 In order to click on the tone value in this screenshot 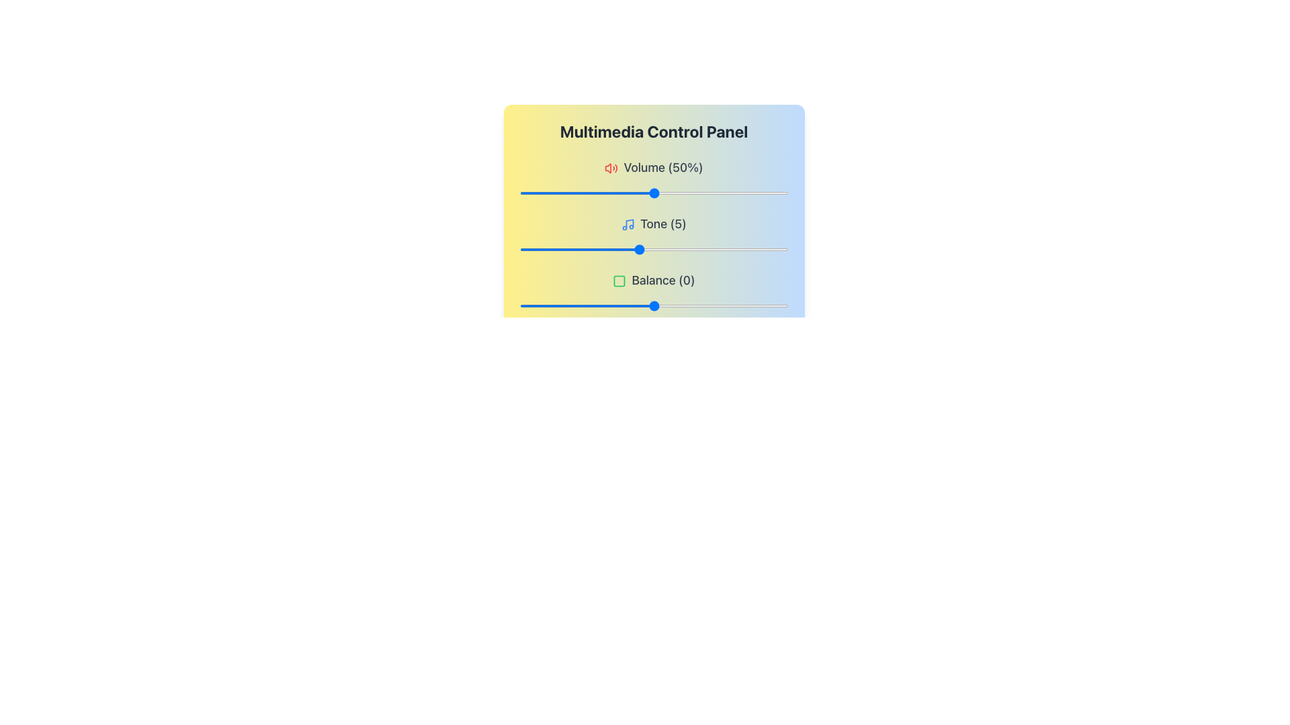, I will do `click(728, 249)`.